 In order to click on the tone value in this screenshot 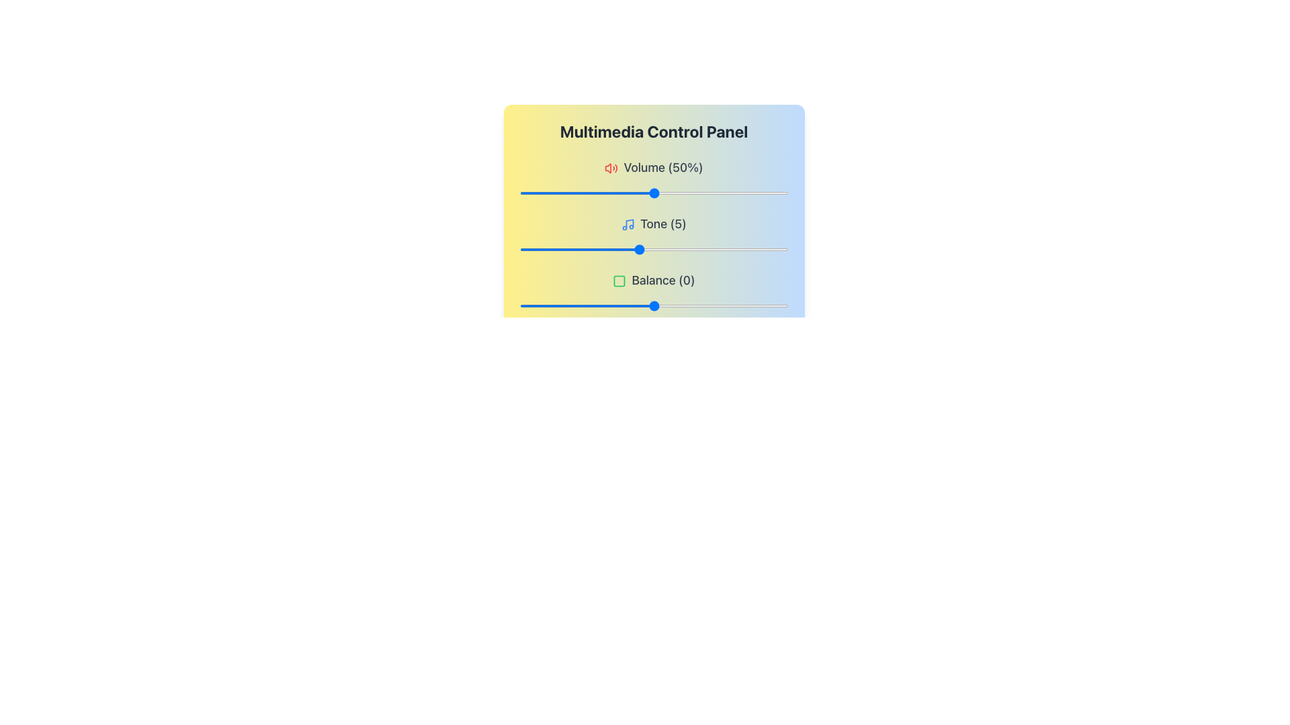, I will do `click(728, 249)`.